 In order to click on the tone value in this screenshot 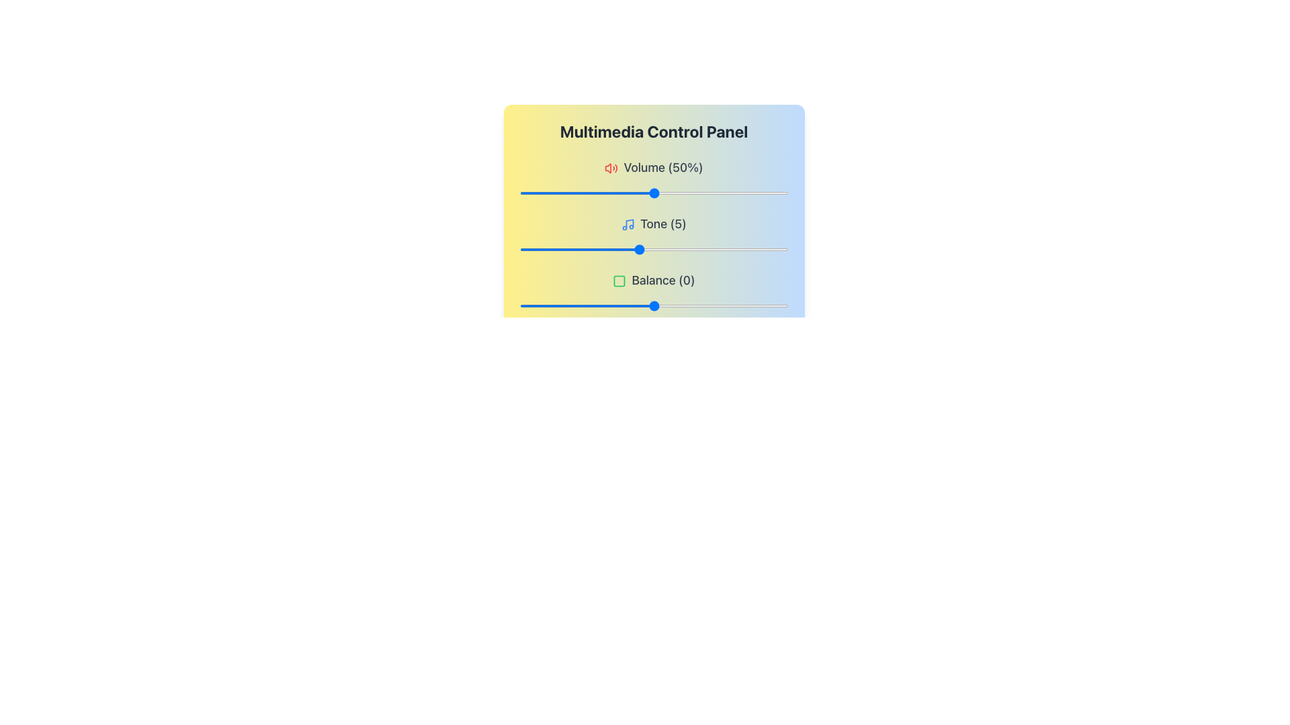, I will do `click(728, 249)`.